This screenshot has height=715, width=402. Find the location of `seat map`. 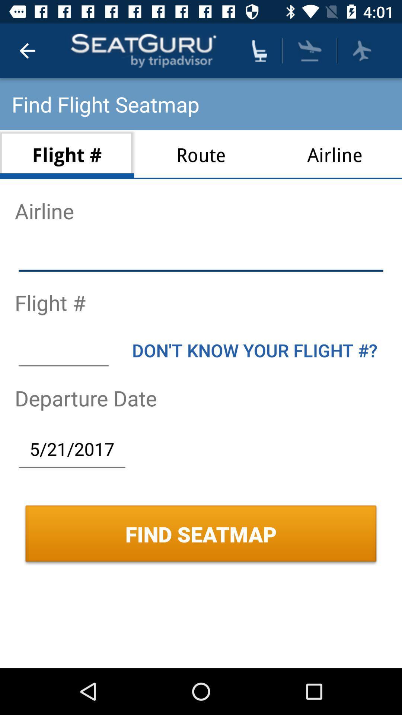

seat map is located at coordinates (259, 50).